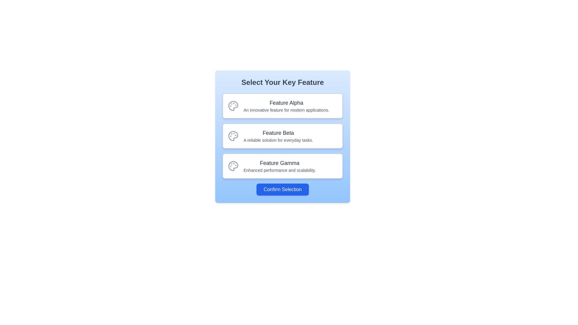 This screenshot has width=578, height=325. I want to click on the 'Feature Beta' informative block, so click(282, 136).